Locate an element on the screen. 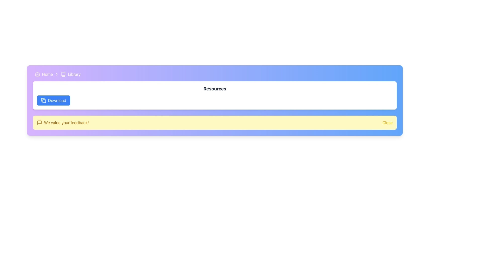  the book-shaped icon with a hollow design located in the breadcrumb navigation section, positioned between the 'Home' and 'Library' links is located at coordinates (63, 74).